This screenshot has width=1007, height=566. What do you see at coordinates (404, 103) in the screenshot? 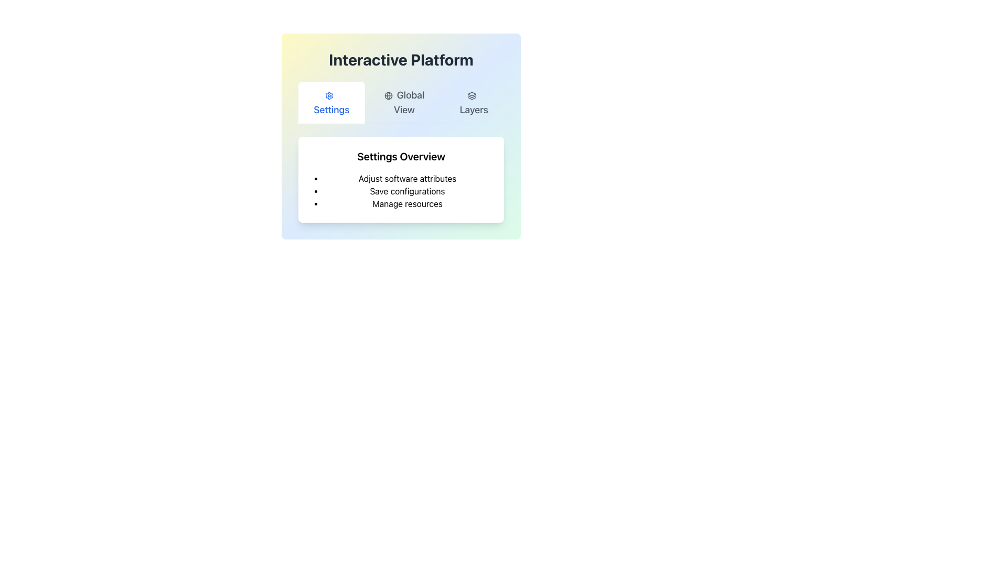
I see `the 'Global View' navigation tab` at bounding box center [404, 103].